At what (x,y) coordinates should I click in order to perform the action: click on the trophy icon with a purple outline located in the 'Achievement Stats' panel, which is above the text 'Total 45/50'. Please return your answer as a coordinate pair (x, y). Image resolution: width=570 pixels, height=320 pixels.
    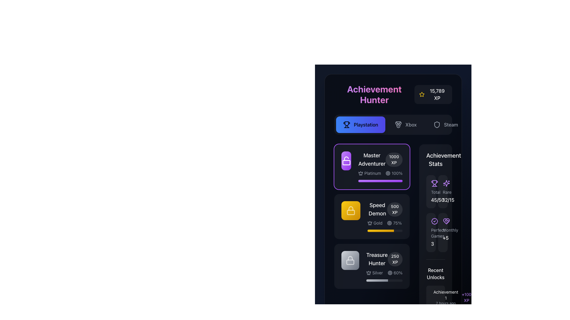
    Looking at the image, I should click on (435, 183).